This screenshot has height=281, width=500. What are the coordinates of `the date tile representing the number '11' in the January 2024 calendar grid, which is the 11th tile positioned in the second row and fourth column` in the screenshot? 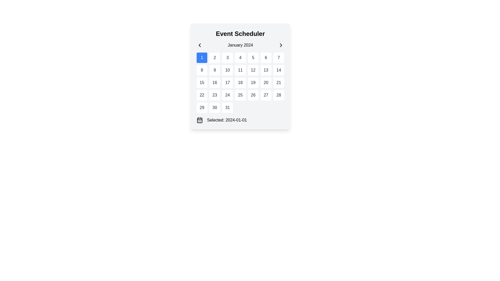 It's located at (240, 70).